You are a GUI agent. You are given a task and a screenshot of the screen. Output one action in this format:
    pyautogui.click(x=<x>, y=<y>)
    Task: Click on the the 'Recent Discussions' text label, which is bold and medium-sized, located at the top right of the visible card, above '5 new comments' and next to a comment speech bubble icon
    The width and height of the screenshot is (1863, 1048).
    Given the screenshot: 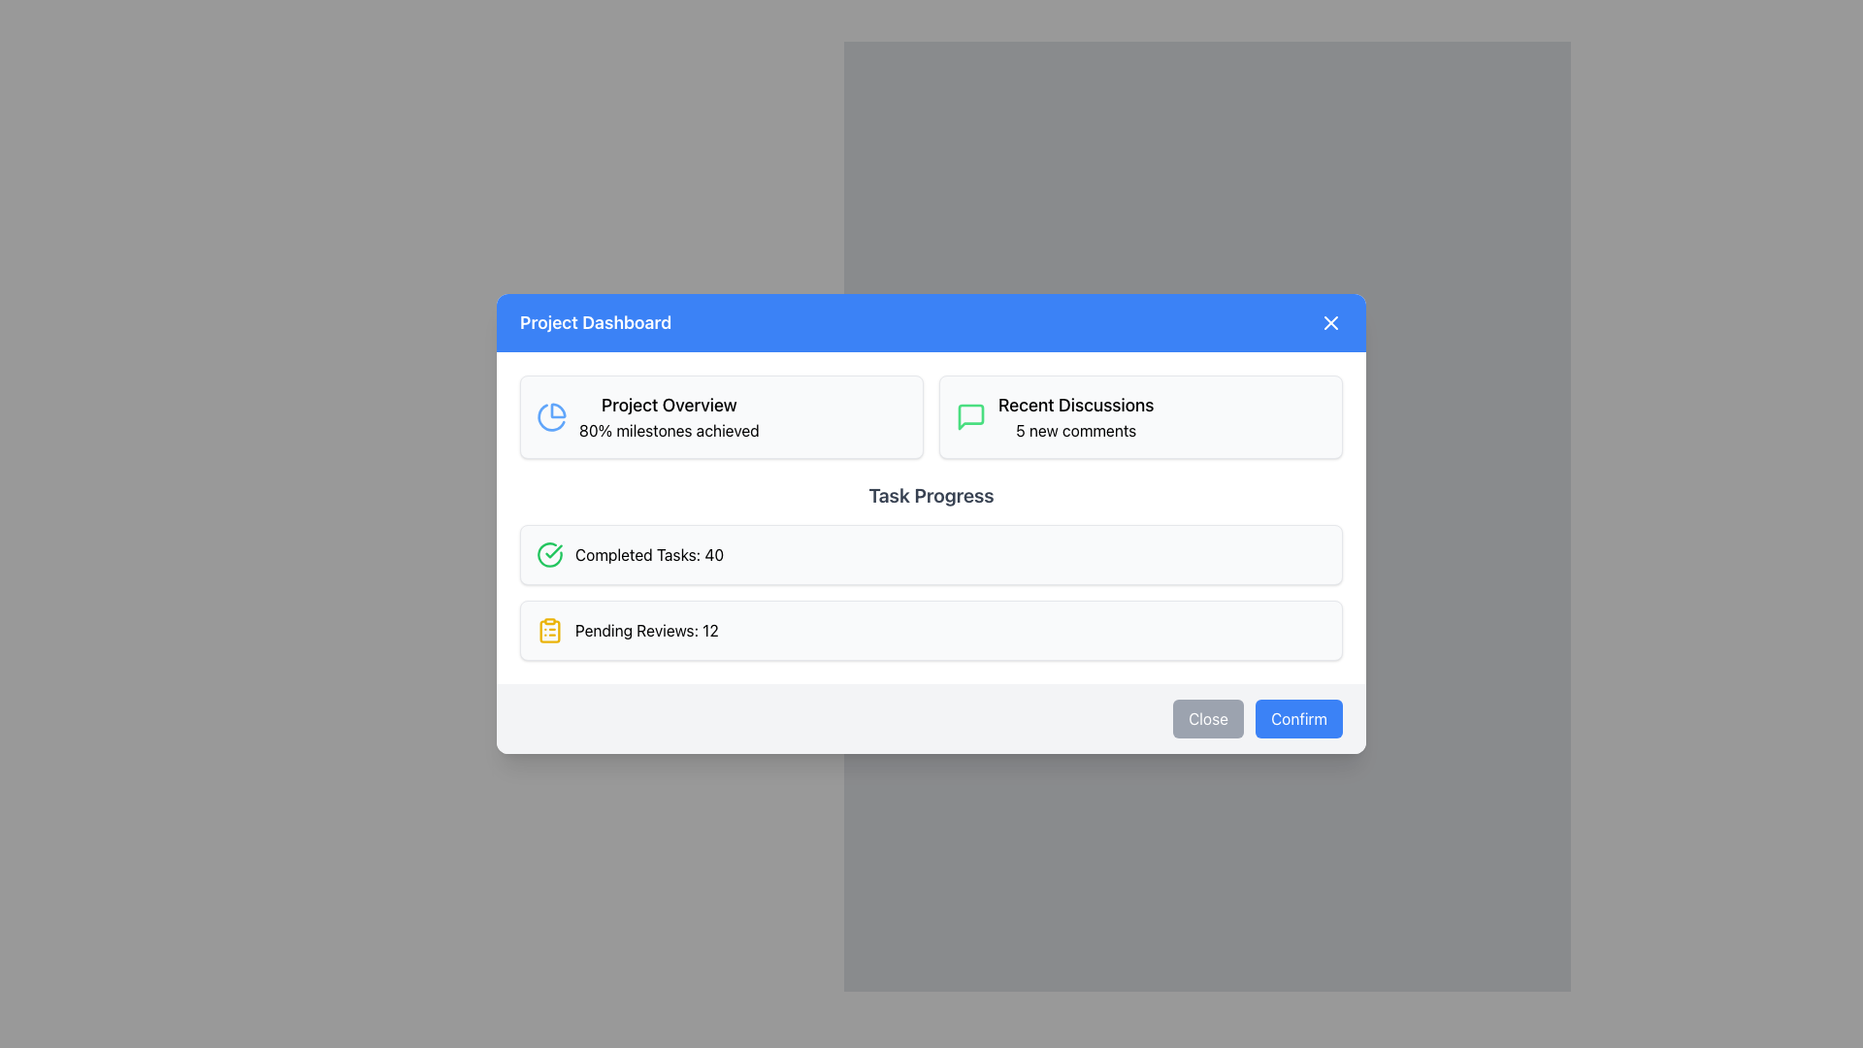 What is the action you would take?
    pyautogui.click(x=1075, y=404)
    